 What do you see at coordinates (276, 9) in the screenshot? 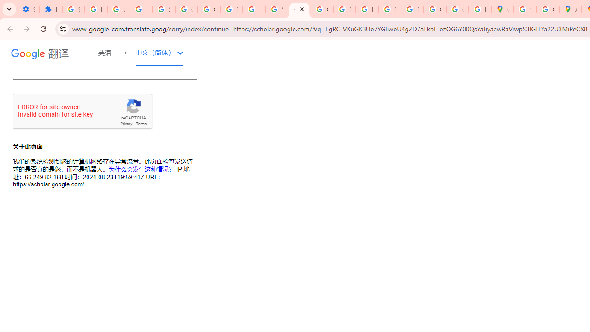
I see `'YouTube'` at bounding box center [276, 9].